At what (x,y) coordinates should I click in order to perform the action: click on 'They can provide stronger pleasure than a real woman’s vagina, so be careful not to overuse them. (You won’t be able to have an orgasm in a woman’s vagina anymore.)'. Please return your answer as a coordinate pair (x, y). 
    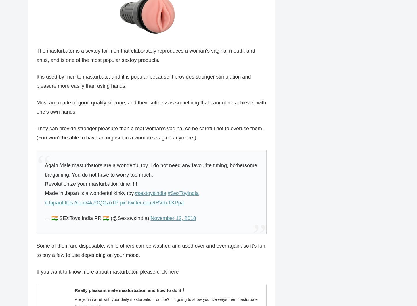
    Looking at the image, I should click on (150, 133).